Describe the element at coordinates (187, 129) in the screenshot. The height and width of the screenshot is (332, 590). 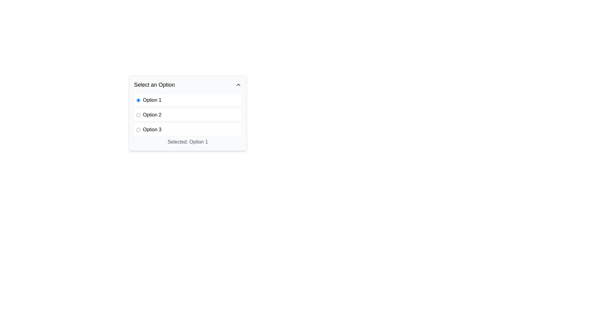
I see `the 'Option 3' radio button` at that location.